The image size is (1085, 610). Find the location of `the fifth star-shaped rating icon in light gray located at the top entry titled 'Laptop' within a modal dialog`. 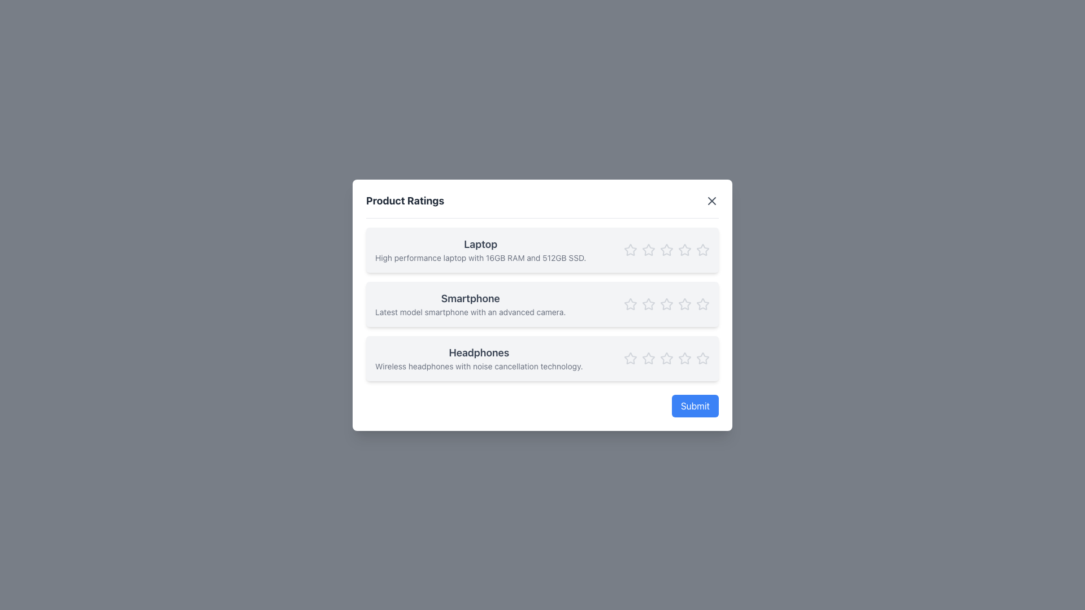

the fifth star-shaped rating icon in light gray located at the top entry titled 'Laptop' within a modal dialog is located at coordinates (702, 249).